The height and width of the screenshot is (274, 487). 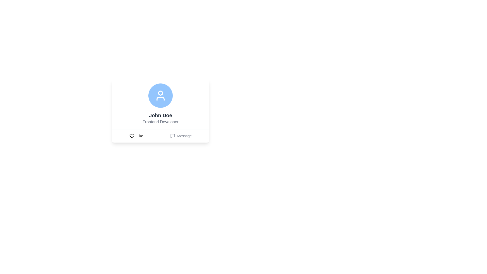 I want to click on the upper circular Decorative SVG element located centrally within the user profile avatar icon, which is positioned above the text 'John Doe' and 'Frontend Developer', so click(x=160, y=93).